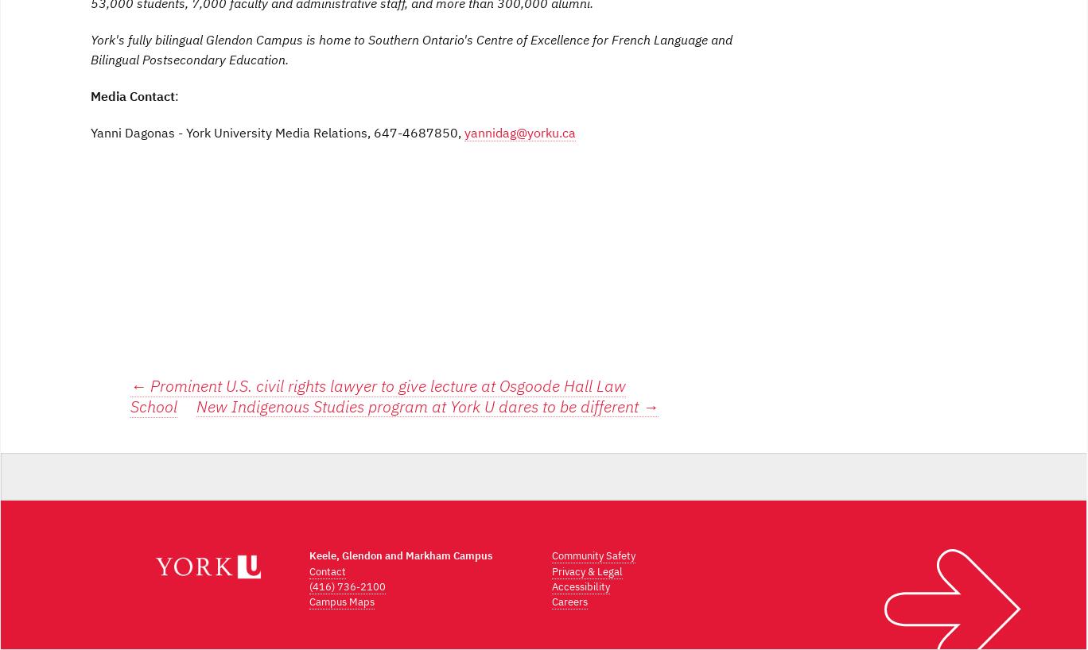  I want to click on 'York's fully bilingual Glendon Campus is home to Southern Ontario's Centre of Excellence for French Language and Bilingual Postsecondary Education.', so click(90, 48).